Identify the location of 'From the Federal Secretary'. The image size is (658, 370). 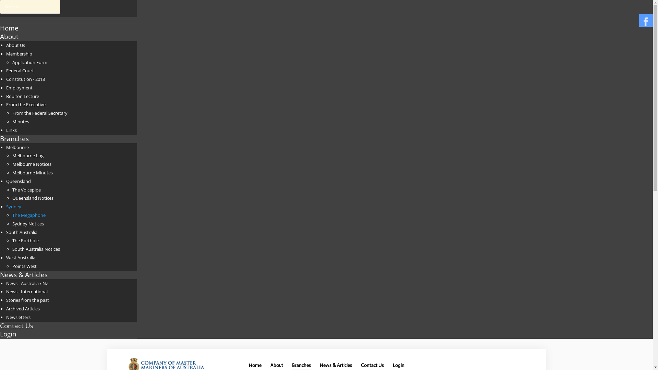
(12, 113).